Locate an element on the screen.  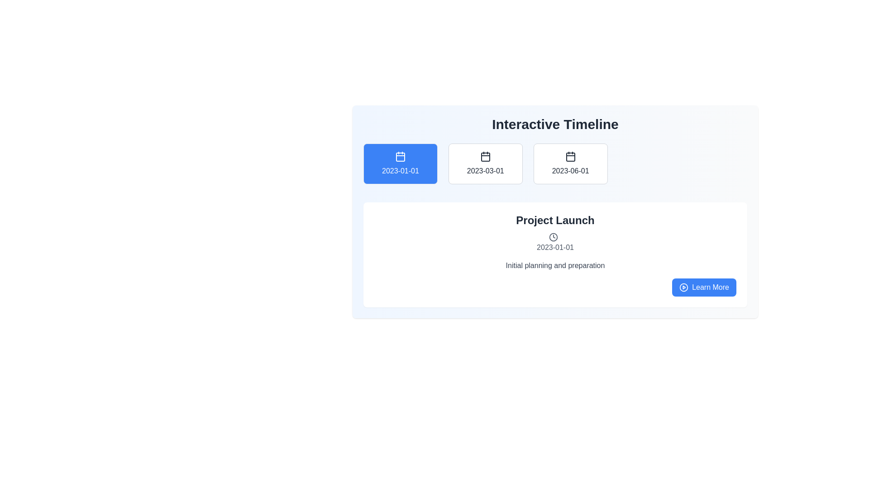
time/date icon located between the heading 'Project Launch' and the date text '2023-01-01' is located at coordinates (553, 236).